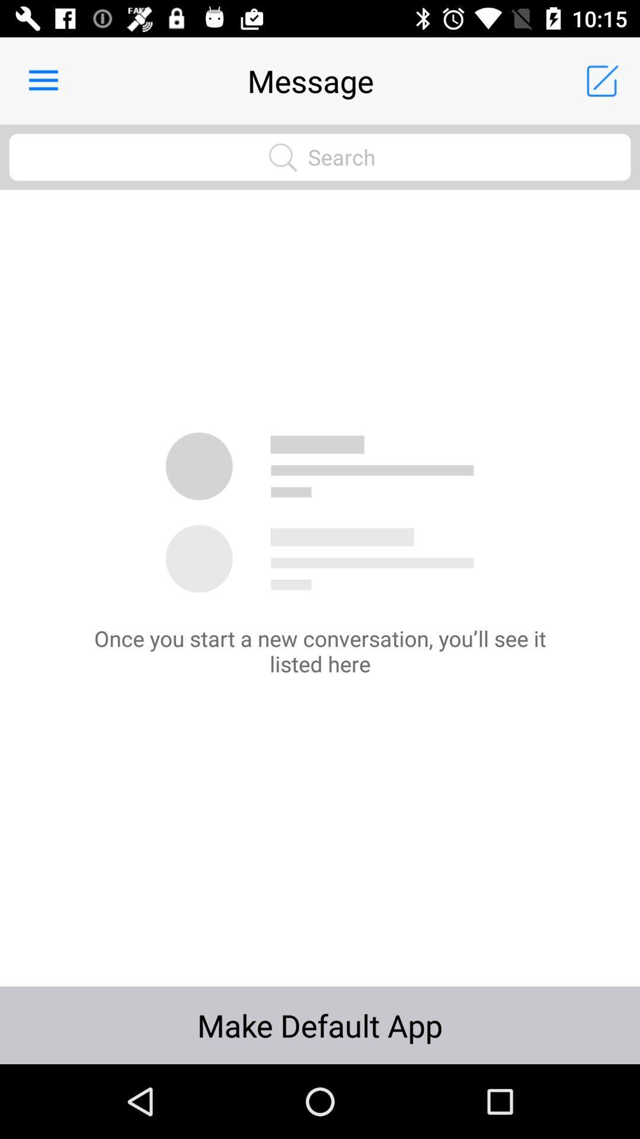  What do you see at coordinates (320, 1025) in the screenshot?
I see `make default app` at bounding box center [320, 1025].